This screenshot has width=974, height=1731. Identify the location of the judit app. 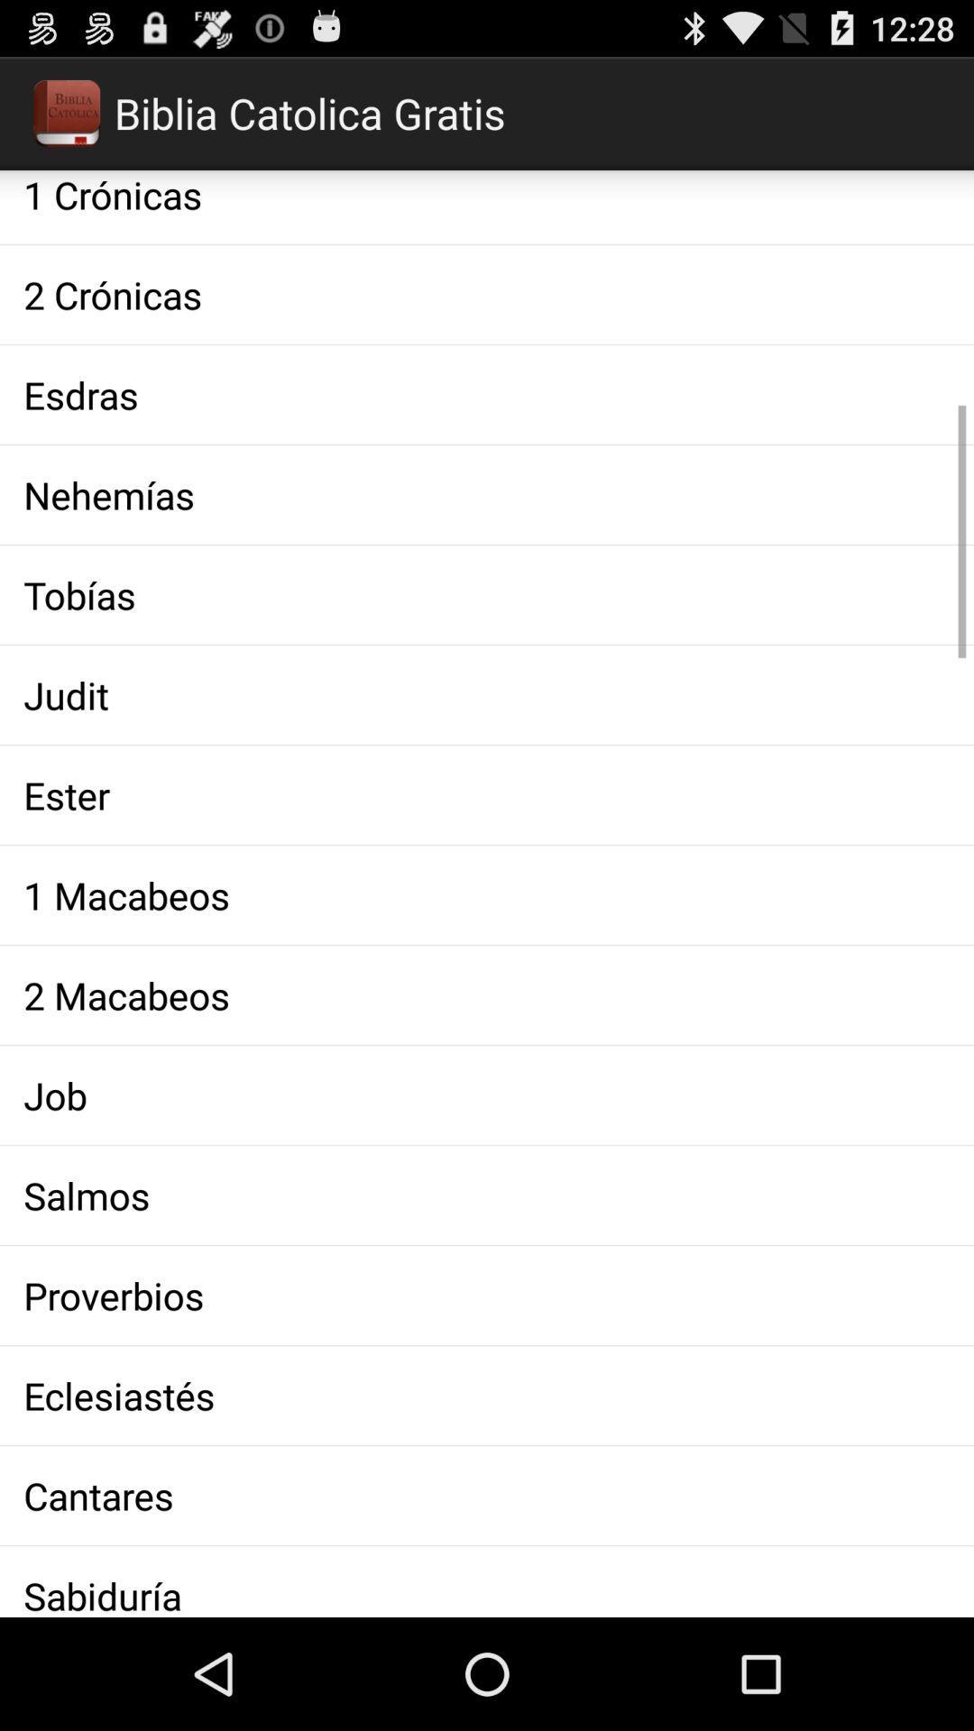
(487, 694).